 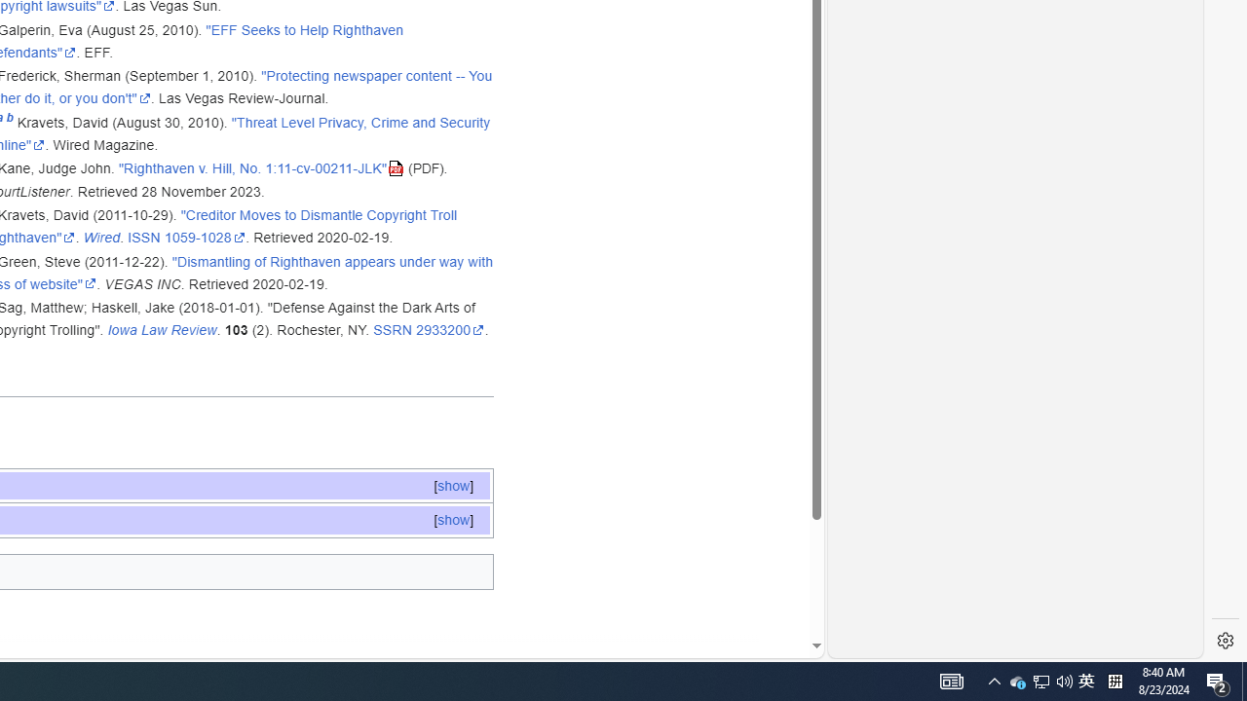 What do you see at coordinates (392, 329) in the screenshot?
I see `'SSRN'` at bounding box center [392, 329].